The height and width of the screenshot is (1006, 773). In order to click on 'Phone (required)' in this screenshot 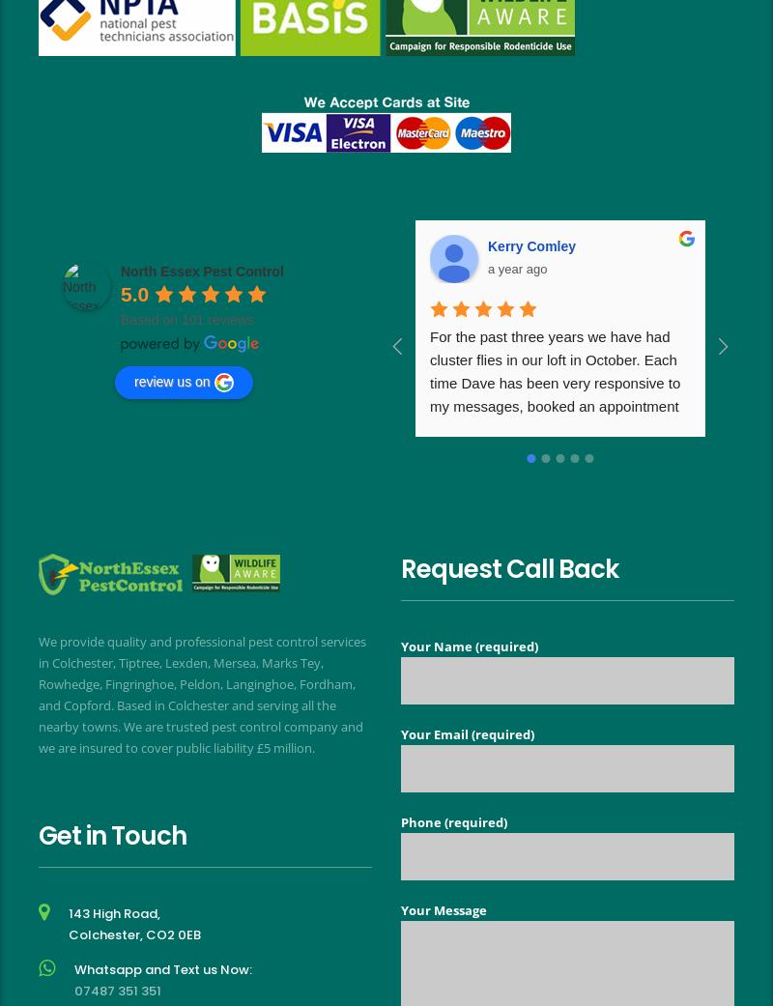, I will do `click(454, 819)`.